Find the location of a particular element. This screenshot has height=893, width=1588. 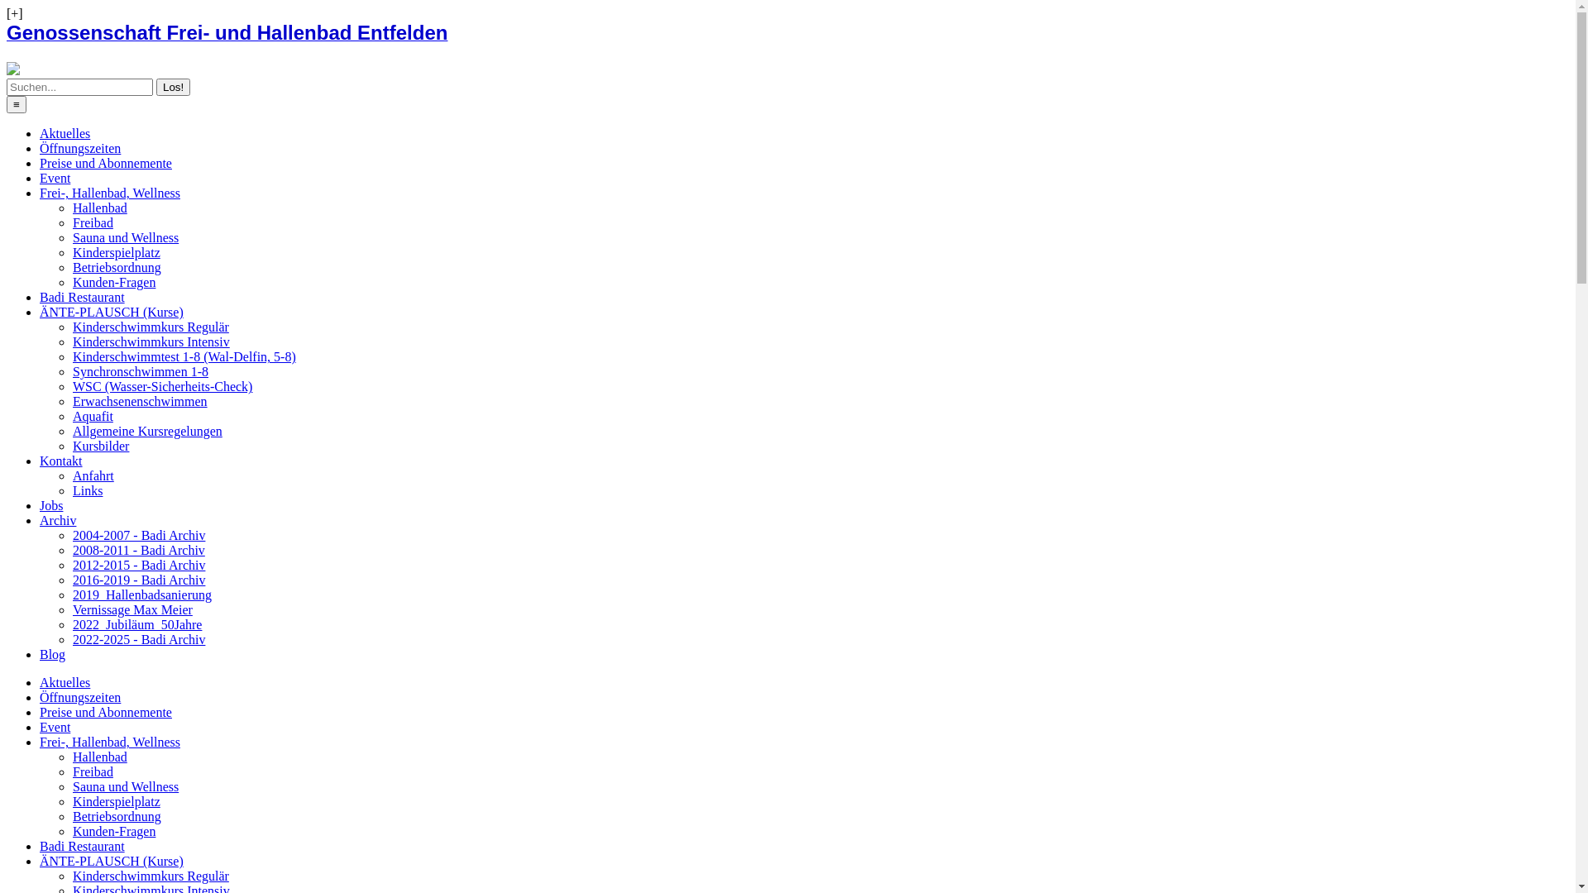

'Event' is located at coordinates (55, 178).